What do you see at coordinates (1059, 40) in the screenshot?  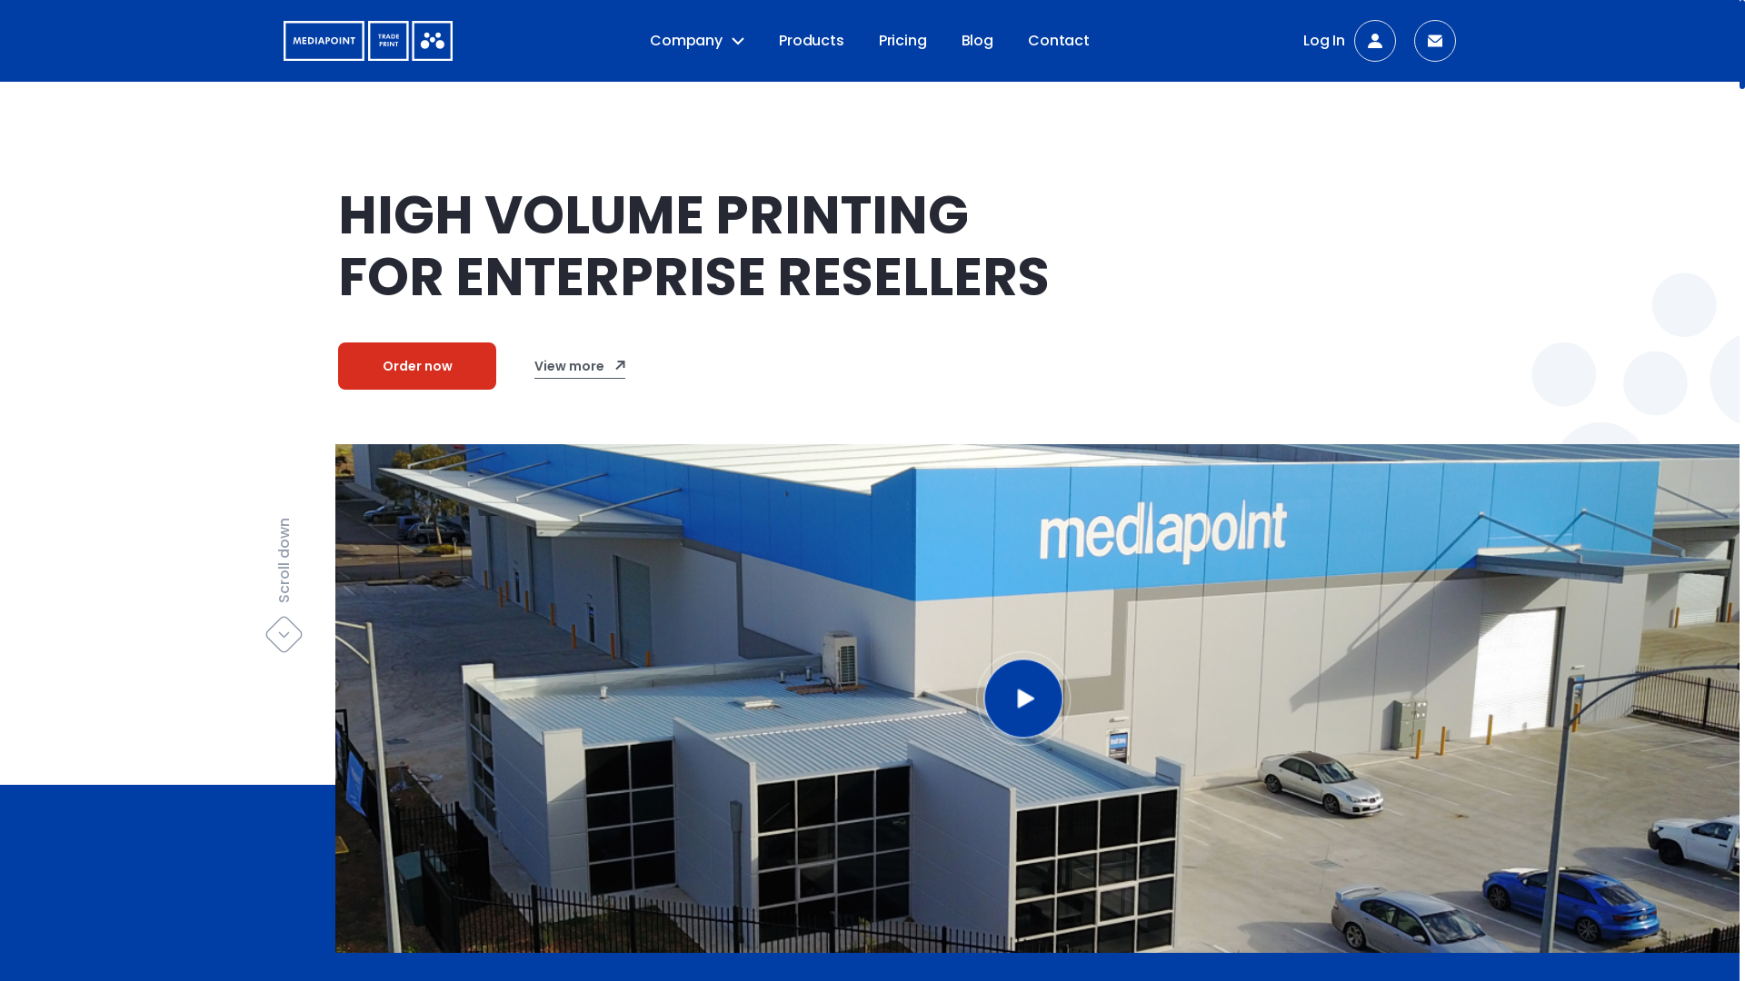 I see `'Contact'` at bounding box center [1059, 40].